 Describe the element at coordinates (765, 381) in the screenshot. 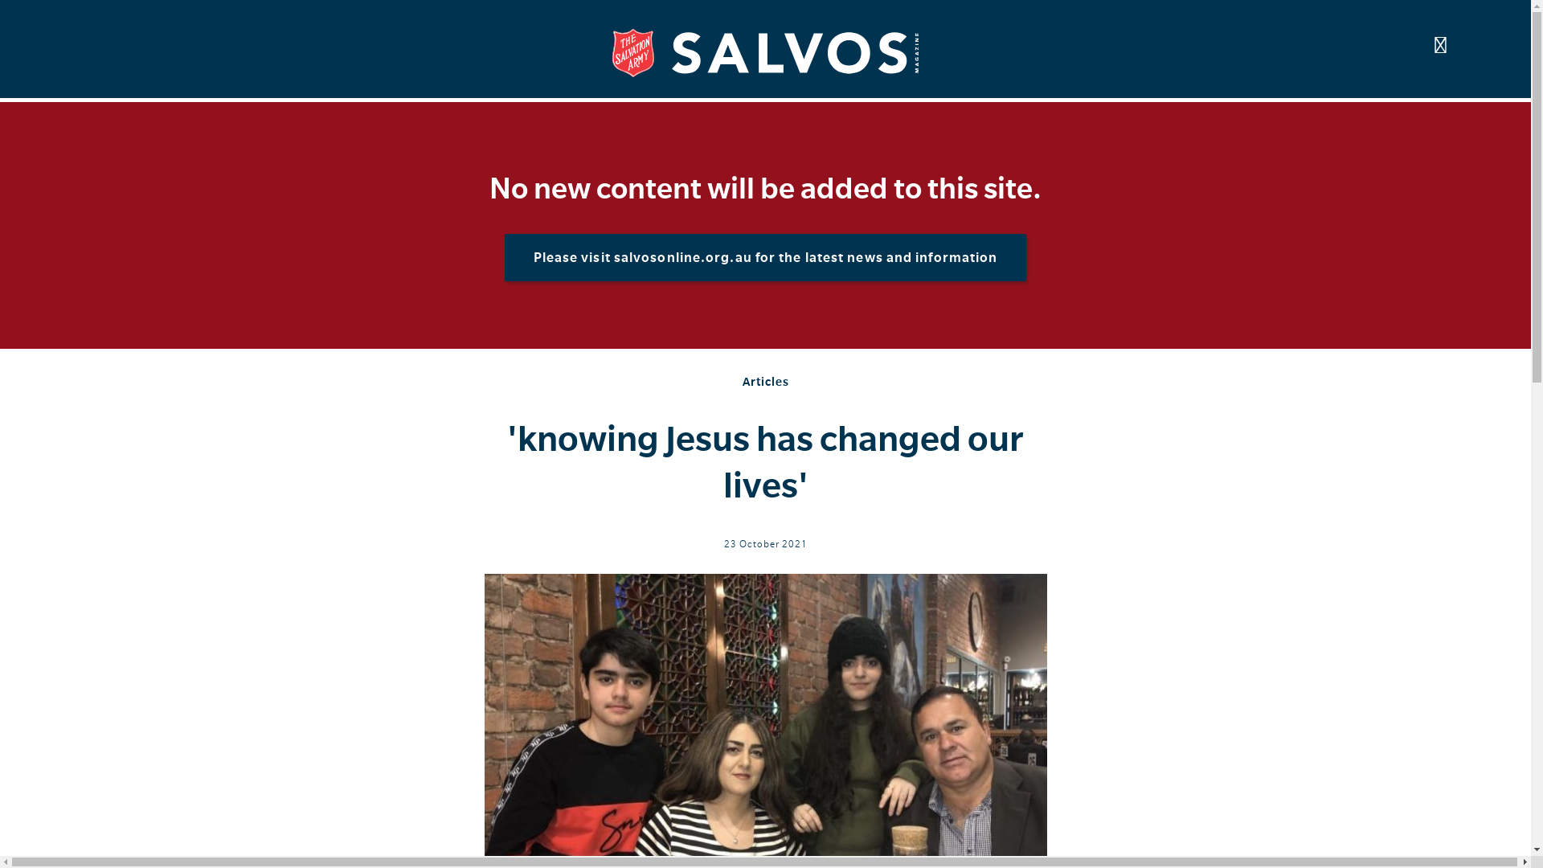

I see `'Articles'` at that location.